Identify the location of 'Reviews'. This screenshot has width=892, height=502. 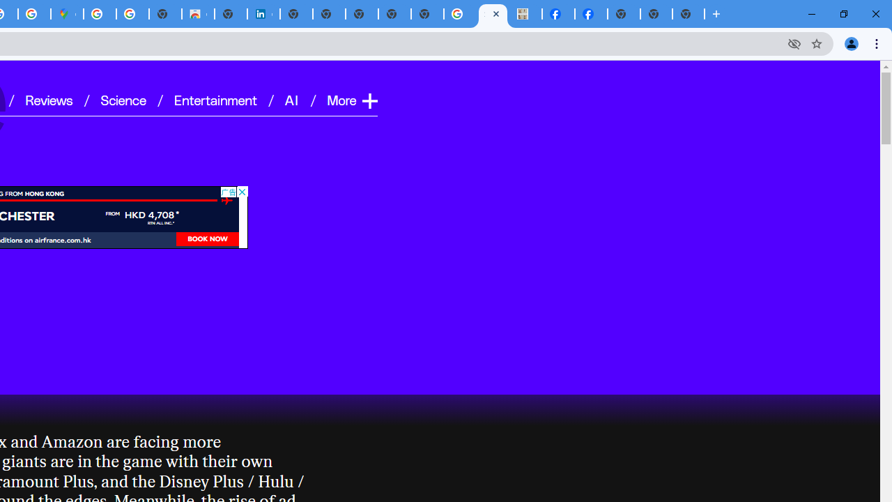
(49, 98).